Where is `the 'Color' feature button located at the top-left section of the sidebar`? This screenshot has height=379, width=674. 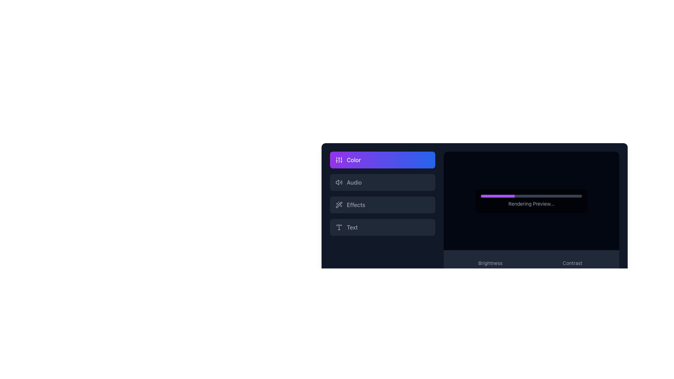
the 'Color' feature button located at the top-left section of the sidebar is located at coordinates (382, 160).